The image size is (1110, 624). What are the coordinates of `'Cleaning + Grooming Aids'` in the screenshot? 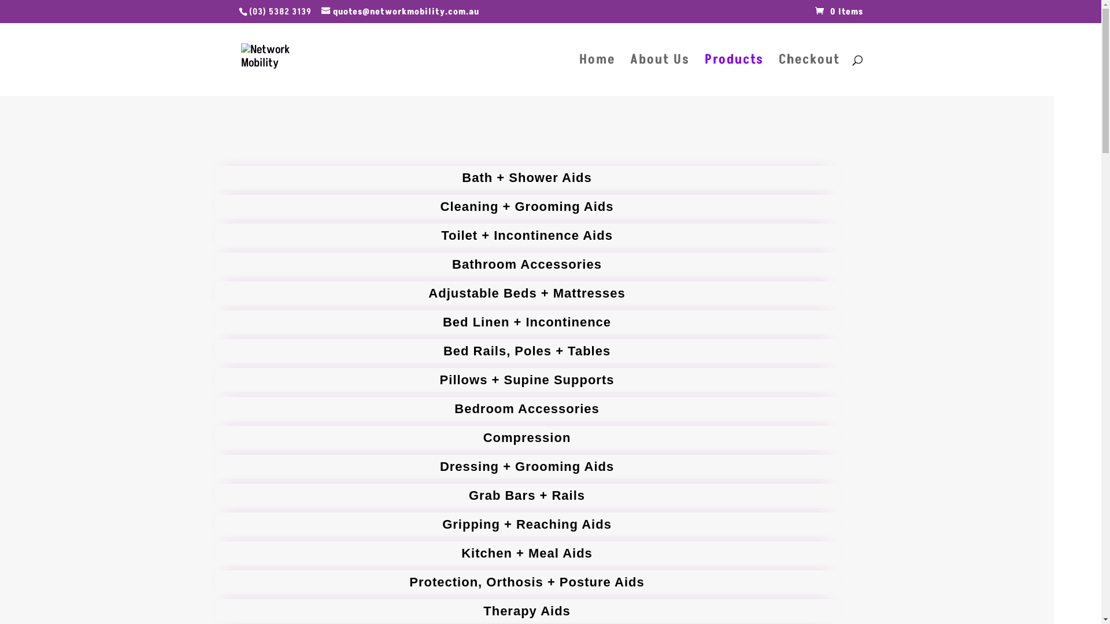 It's located at (527, 206).